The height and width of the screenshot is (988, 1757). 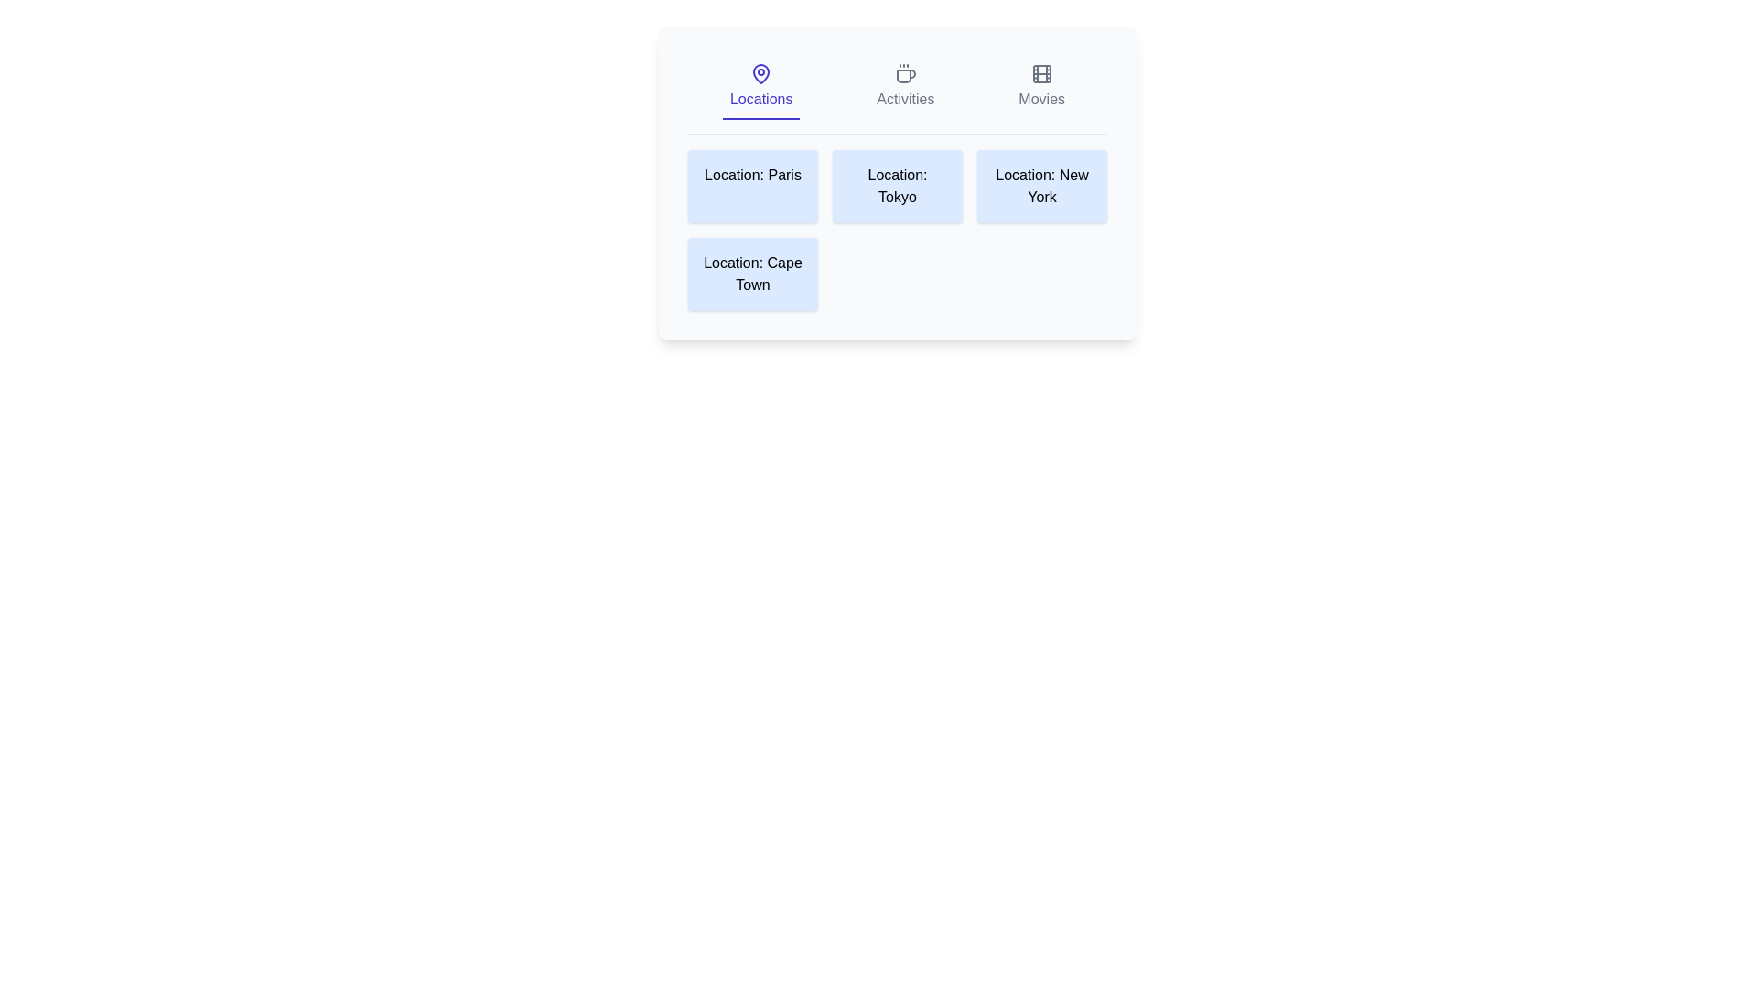 What do you see at coordinates (897, 187) in the screenshot?
I see `the tab or card labeled Location: Tokyo` at bounding box center [897, 187].